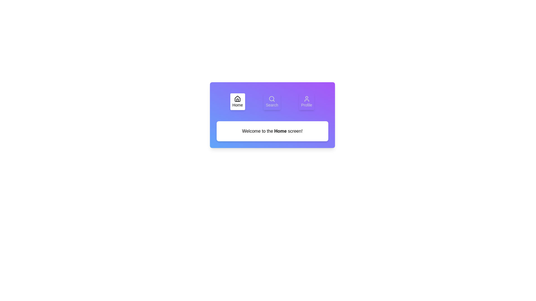  Describe the element at coordinates (238, 98) in the screenshot. I see `the stylized house icon, which is a minimalistic outline style in black, located in the first position among three icons in the navigation section` at that location.